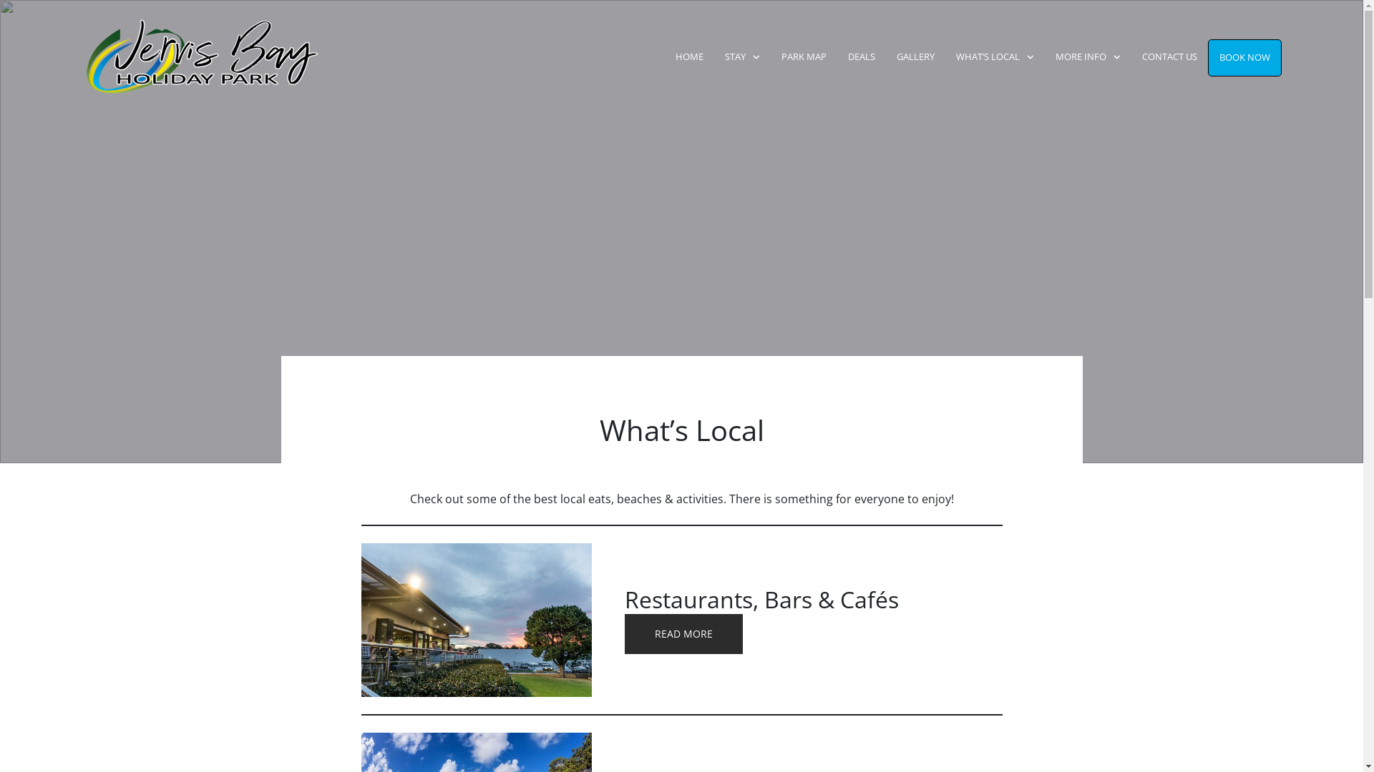 The width and height of the screenshot is (1374, 772). I want to click on 'PARK MAP', so click(804, 56).